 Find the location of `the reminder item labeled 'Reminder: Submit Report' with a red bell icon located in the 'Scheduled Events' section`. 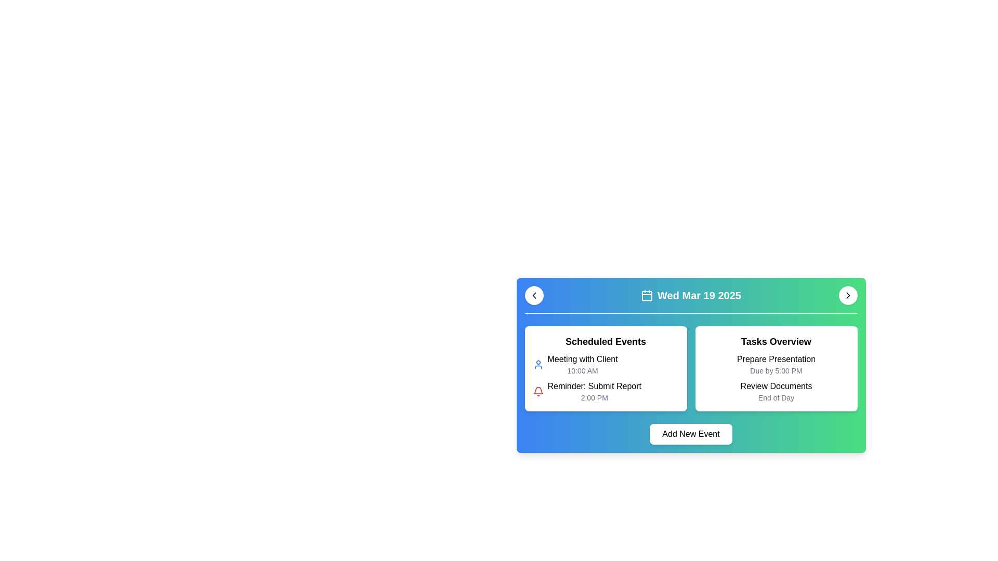

the reminder item labeled 'Reminder: Submit Report' with a red bell icon located in the 'Scheduled Events' section is located at coordinates (606, 391).